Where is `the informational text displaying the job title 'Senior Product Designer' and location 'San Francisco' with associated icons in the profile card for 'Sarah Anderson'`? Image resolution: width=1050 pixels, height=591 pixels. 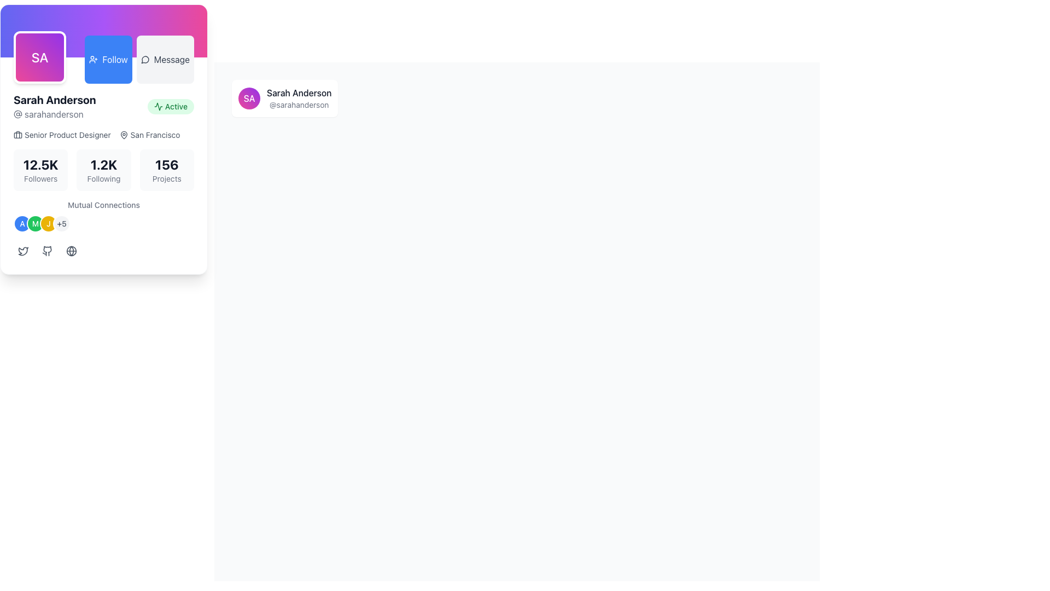 the informational text displaying the job title 'Senior Product Designer' and location 'San Francisco' with associated icons in the profile card for 'Sarah Anderson' is located at coordinates (104, 134).